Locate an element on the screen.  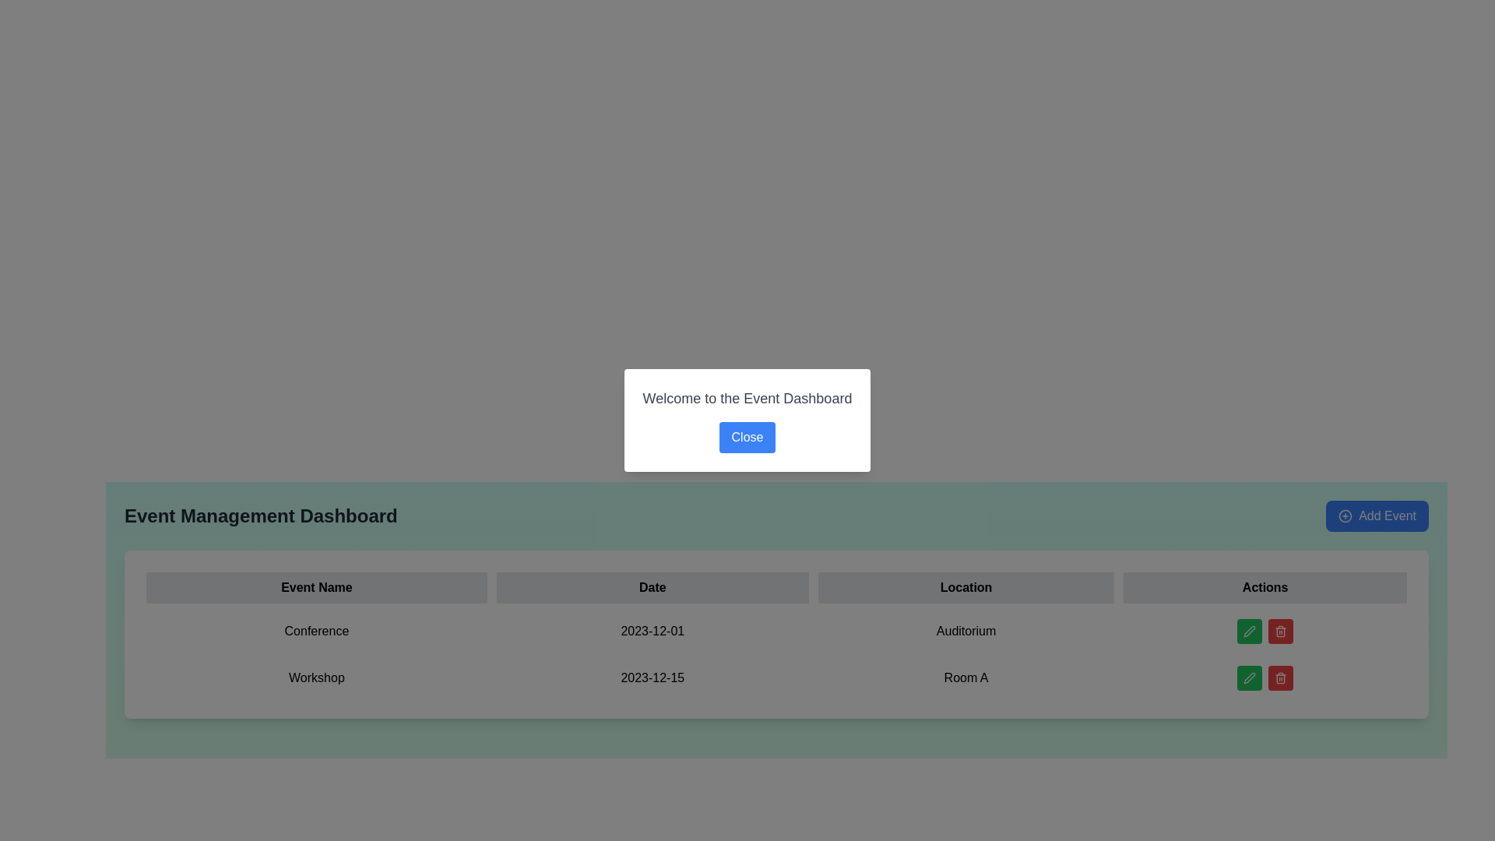
the edit button associated with the first event in the actions column is located at coordinates (1250, 631).